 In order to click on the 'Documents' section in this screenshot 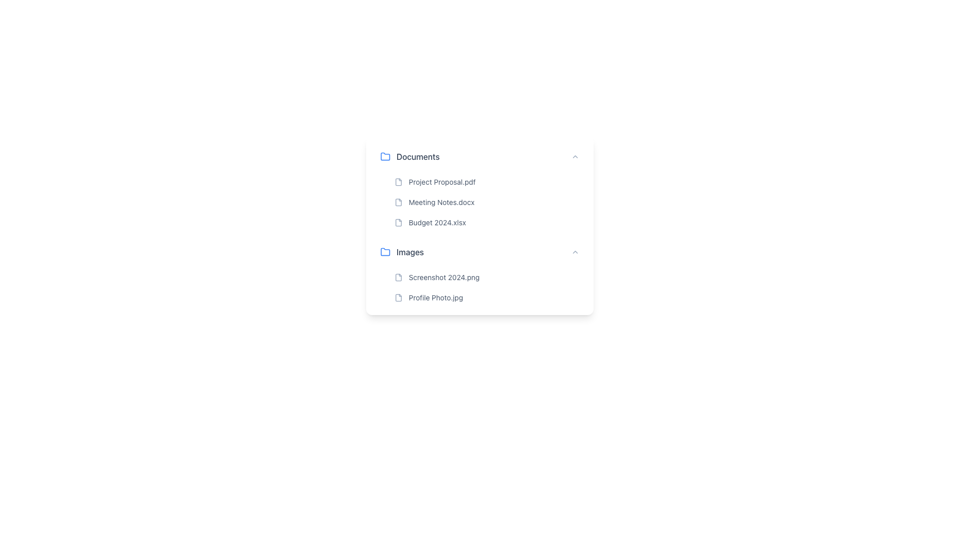, I will do `click(479, 188)`.